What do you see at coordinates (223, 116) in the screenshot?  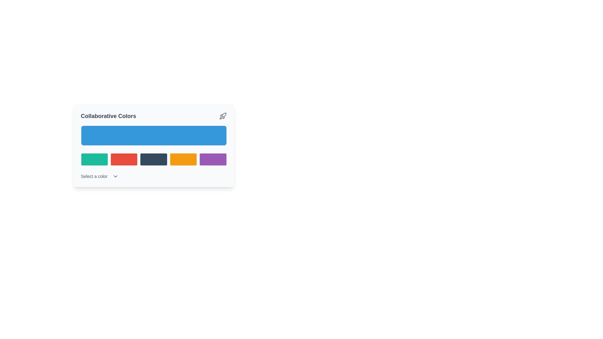 I see `the small rocket-shaped icon, located to the right of the text 'Collaborative Colors'` at bounding box center [223, 116].